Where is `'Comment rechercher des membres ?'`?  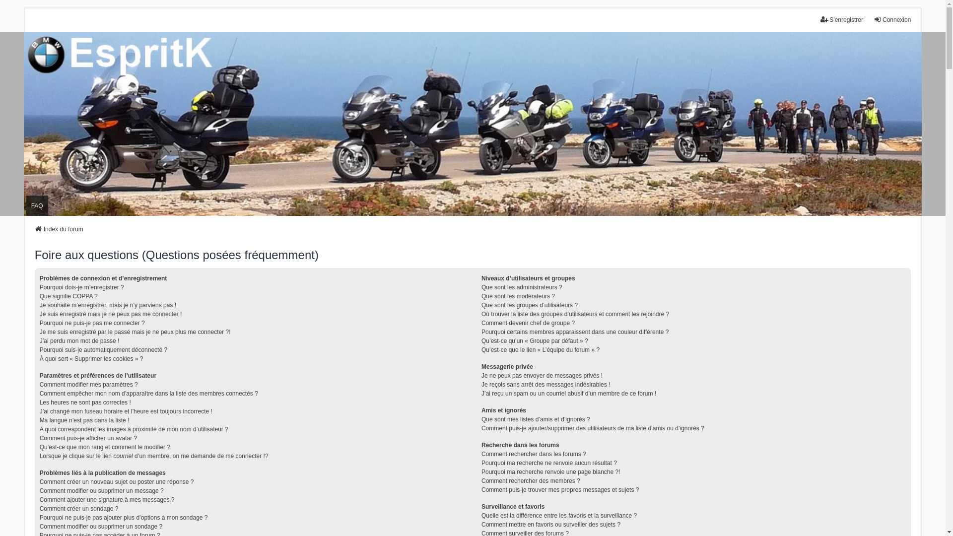
'Comment rechercher des membres ?' is located at coordinates (481, 480).